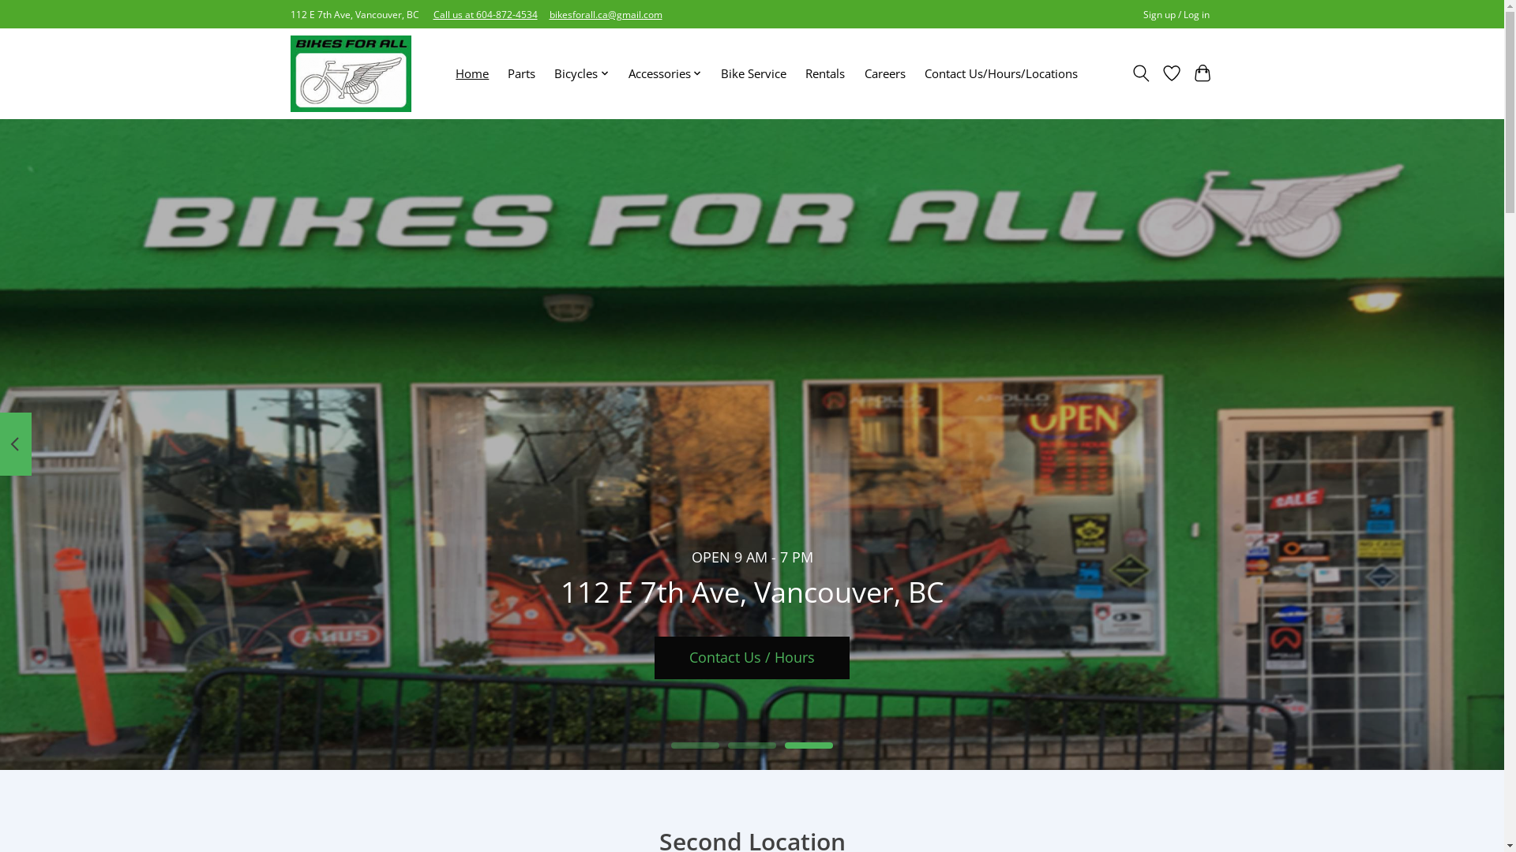  Describe the element at coordinates (883, 73) in the screenshot. I see `'Careers'` at that location.